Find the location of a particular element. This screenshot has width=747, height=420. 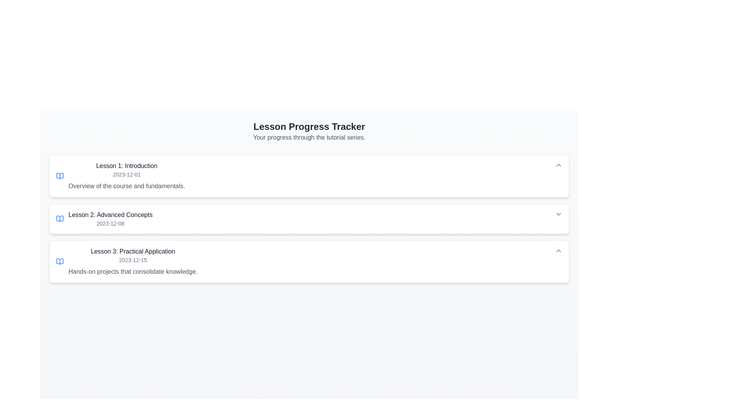

the arrow-shaped dropdown toggle button located at the right end of the 'Lesson 2: Advanced Concepts' section is located at coordinates (558, 214).